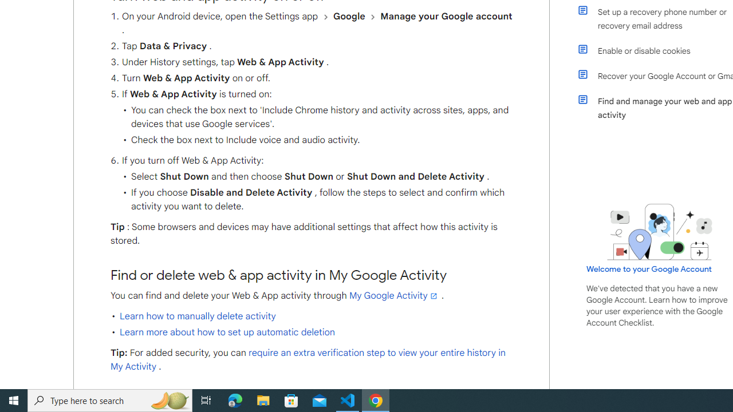  Describe the element at coordinates (227, 332) in the screenshot. I see `'Learn more about how to set up automatic deletion'` at that location.